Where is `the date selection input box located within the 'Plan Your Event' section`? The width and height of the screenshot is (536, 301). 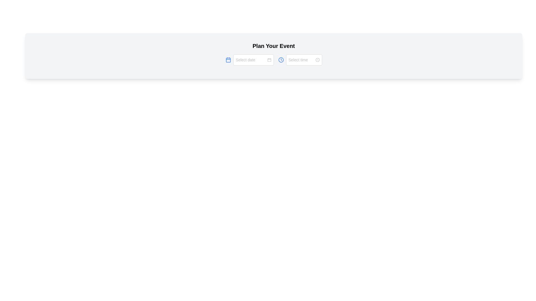 the date selection input box located within the 'Plan Your Event' section is located at coordinates (274, 60).